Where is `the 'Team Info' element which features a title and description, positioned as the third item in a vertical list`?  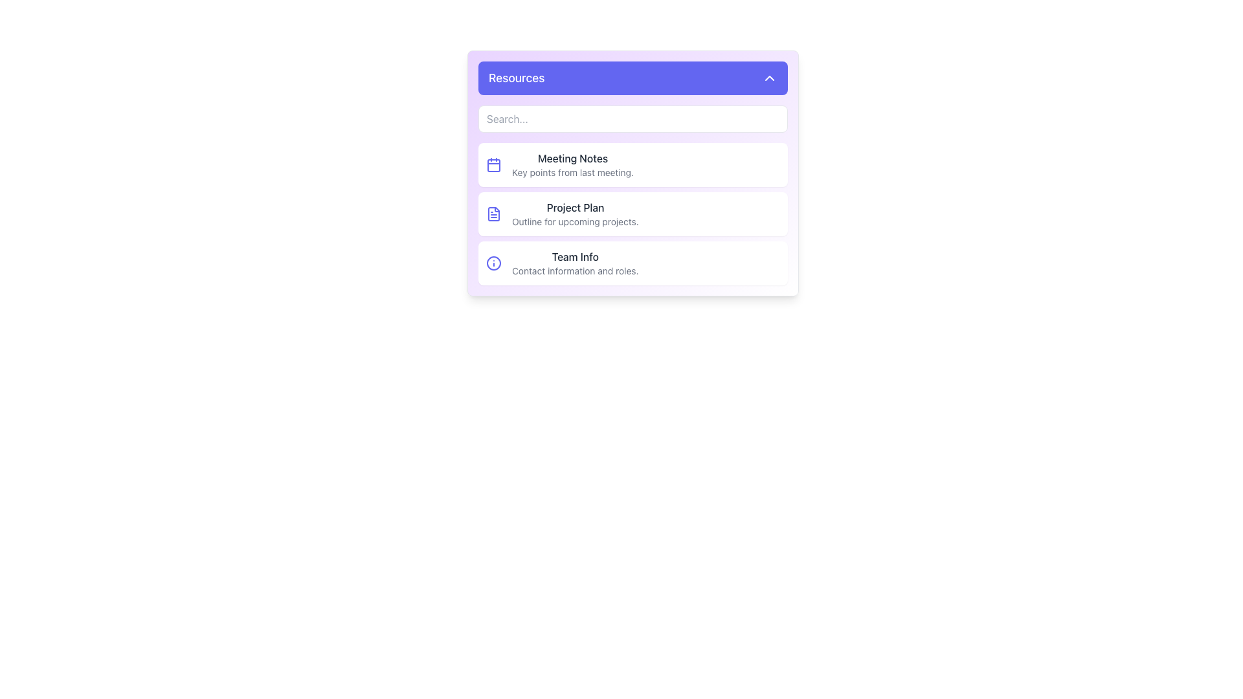 the 'Team Info' element which features a title and description, positioned as the third item in a vertical list is located at coordinates (574, 263).